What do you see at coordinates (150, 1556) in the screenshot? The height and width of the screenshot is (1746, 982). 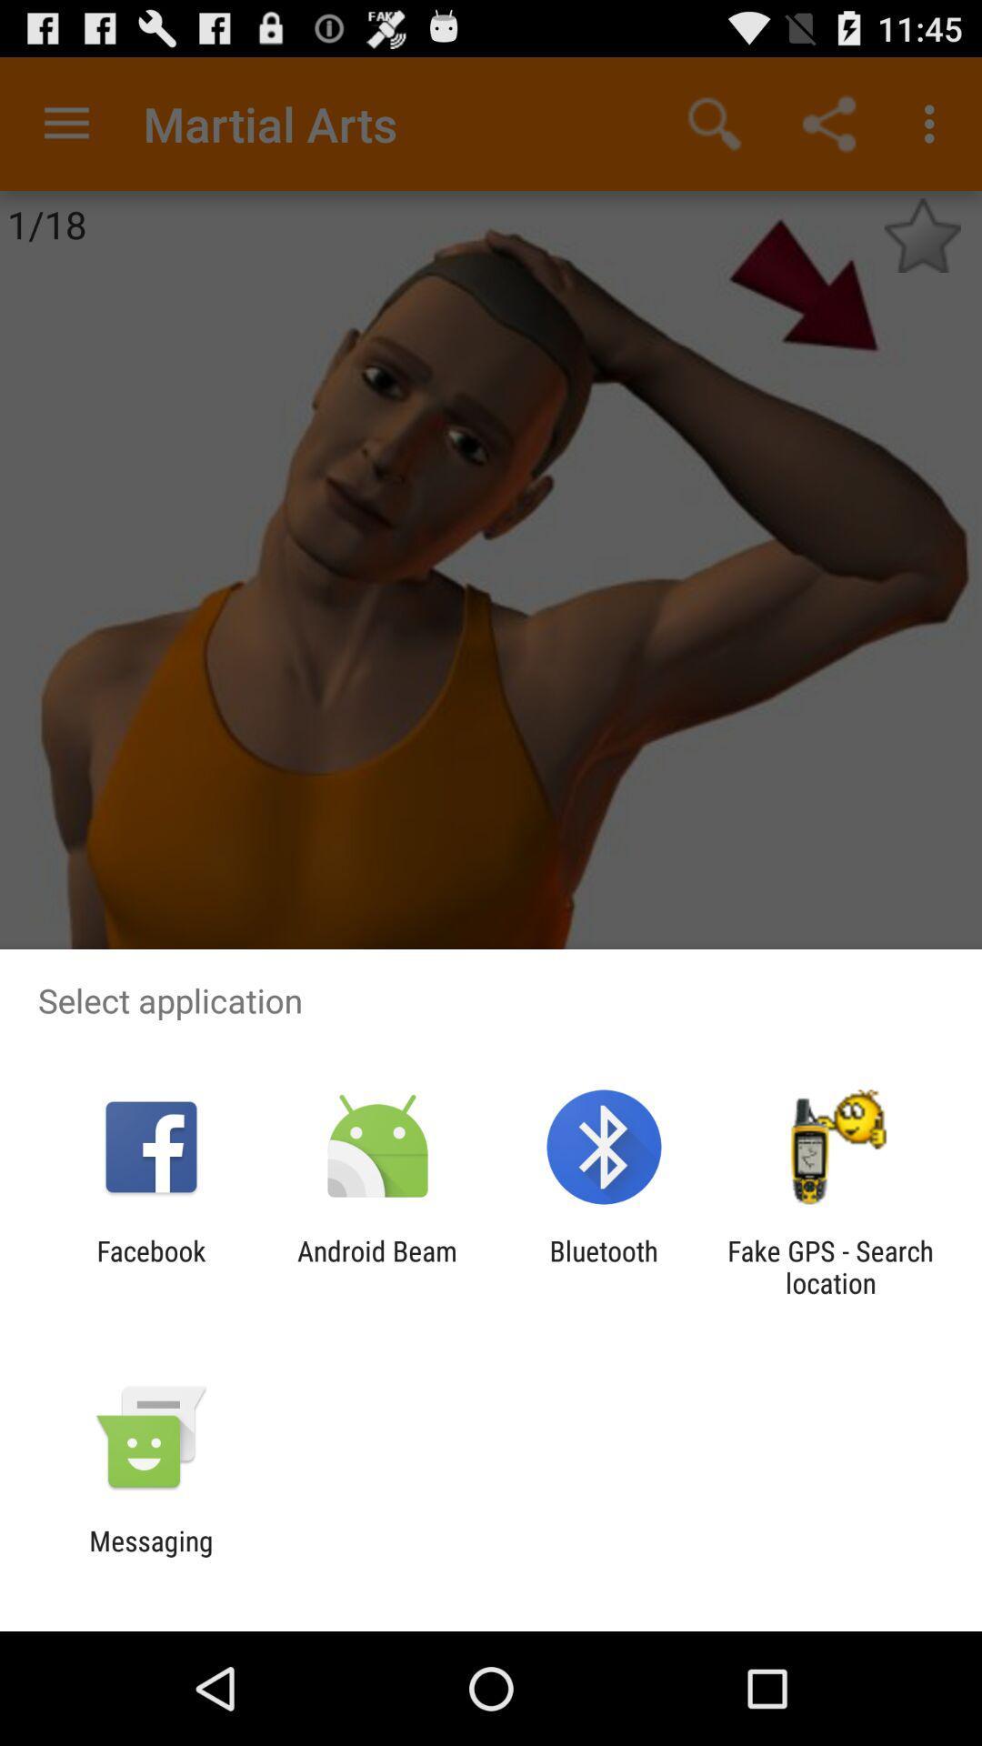 I see `messaging` at bounding box center [150, 1556].